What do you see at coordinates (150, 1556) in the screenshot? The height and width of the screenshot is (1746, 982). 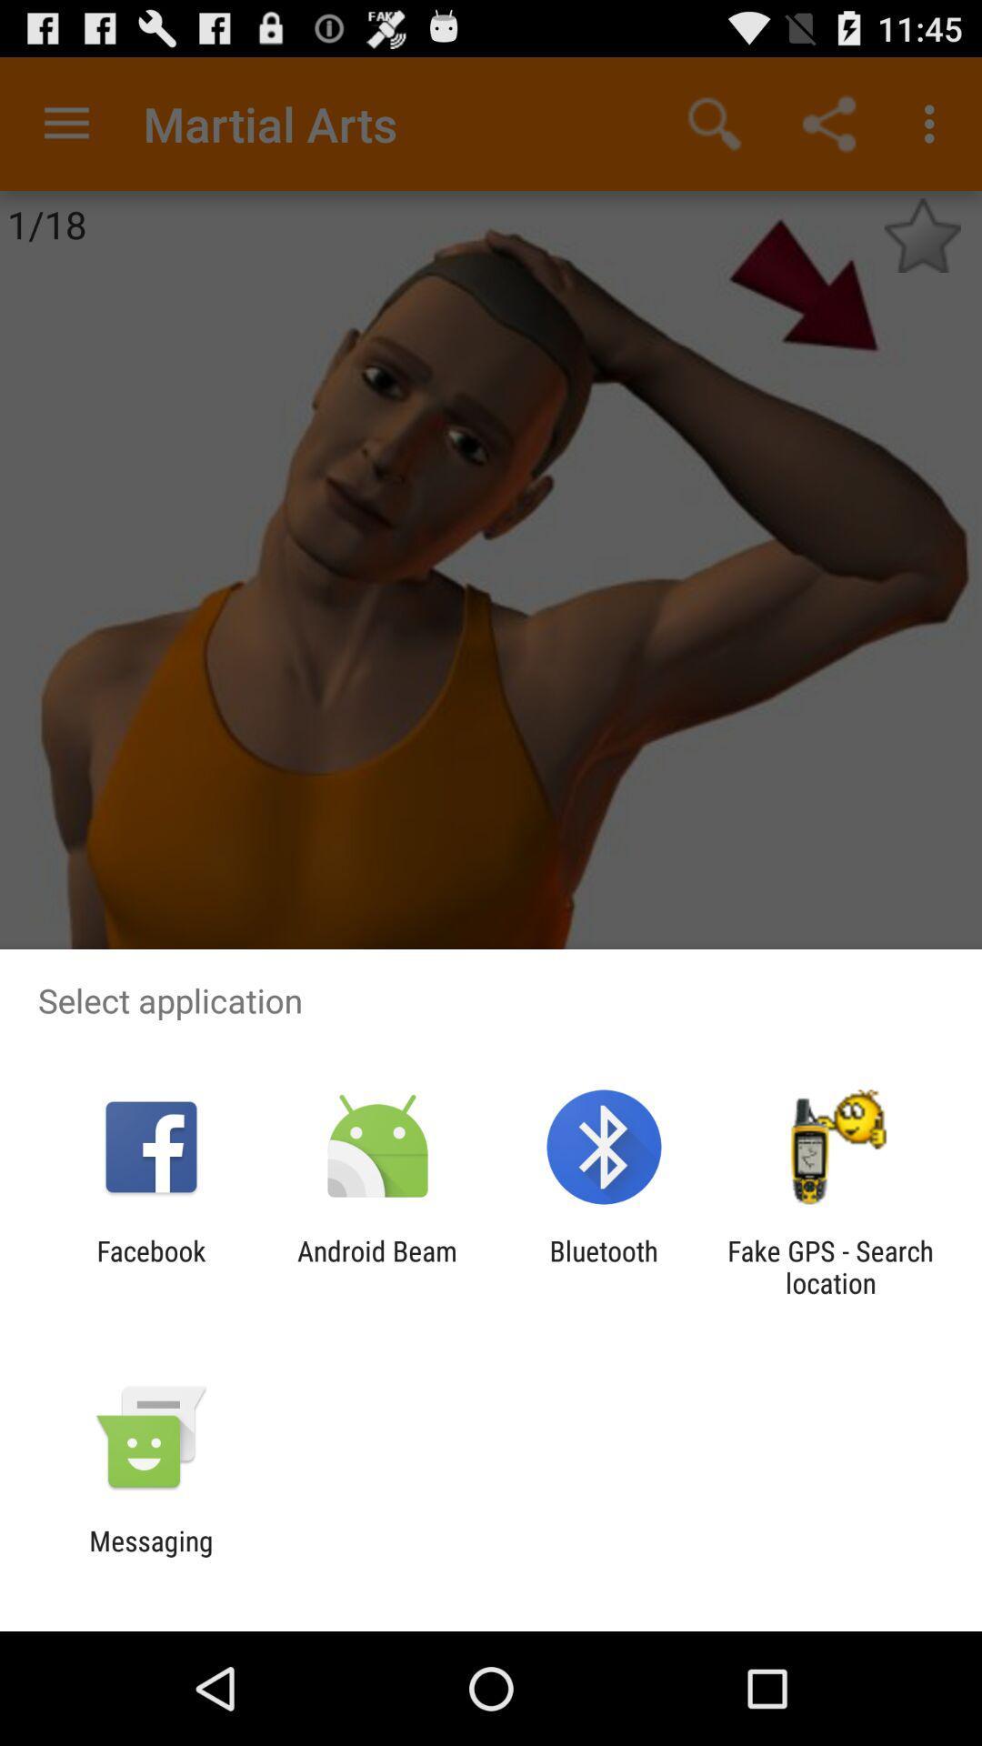 I see `messaging` at bounding box center [150, 1556].